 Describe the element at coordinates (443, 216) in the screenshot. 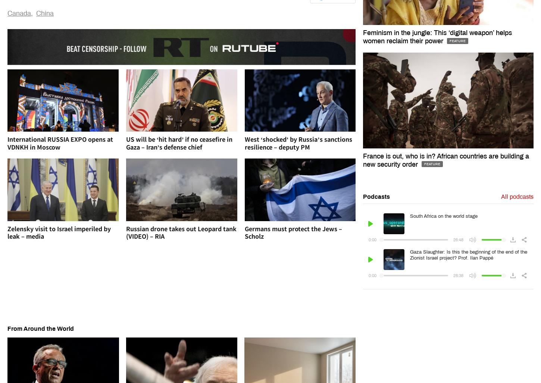

I see `'South Africa on the world stage'` at that location.